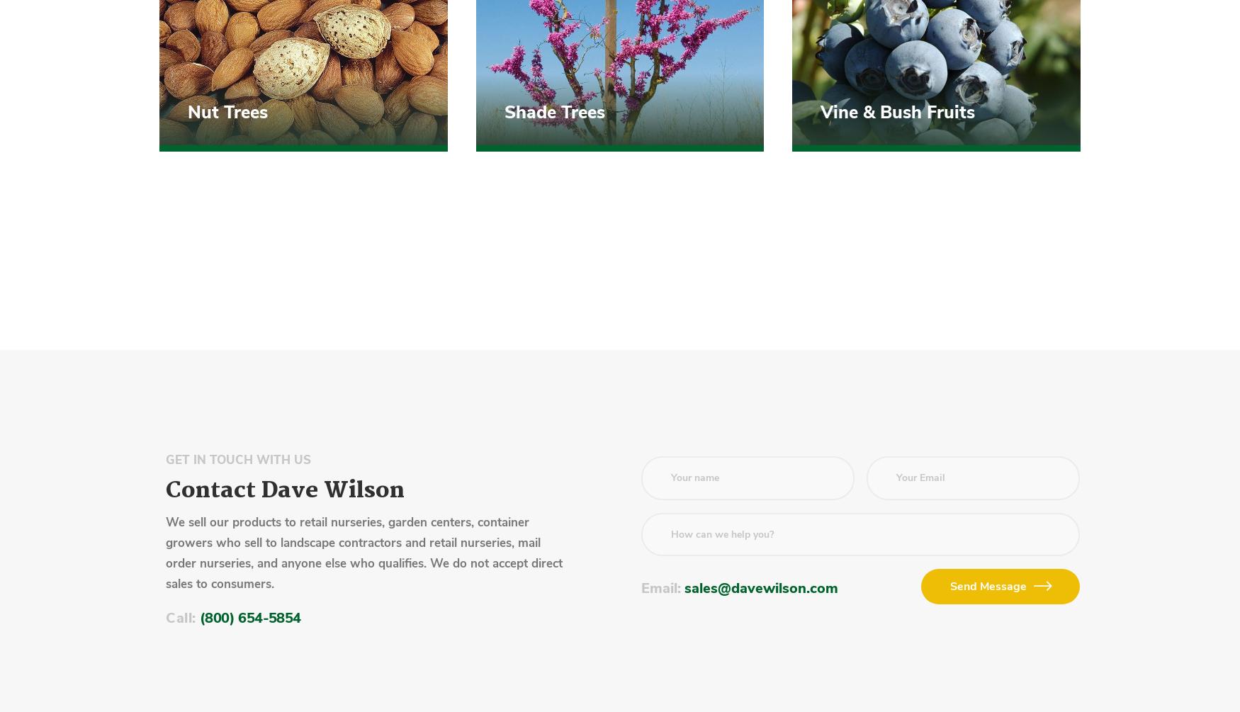 The image size is (1240, 712). I want to click on 'Privacy Statement', so click(850, 389).